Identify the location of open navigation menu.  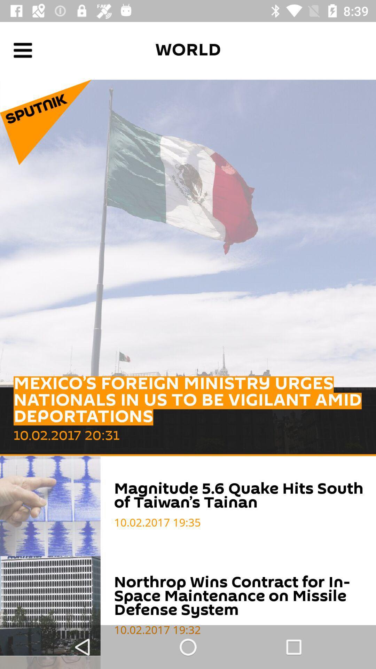
(22, 50).